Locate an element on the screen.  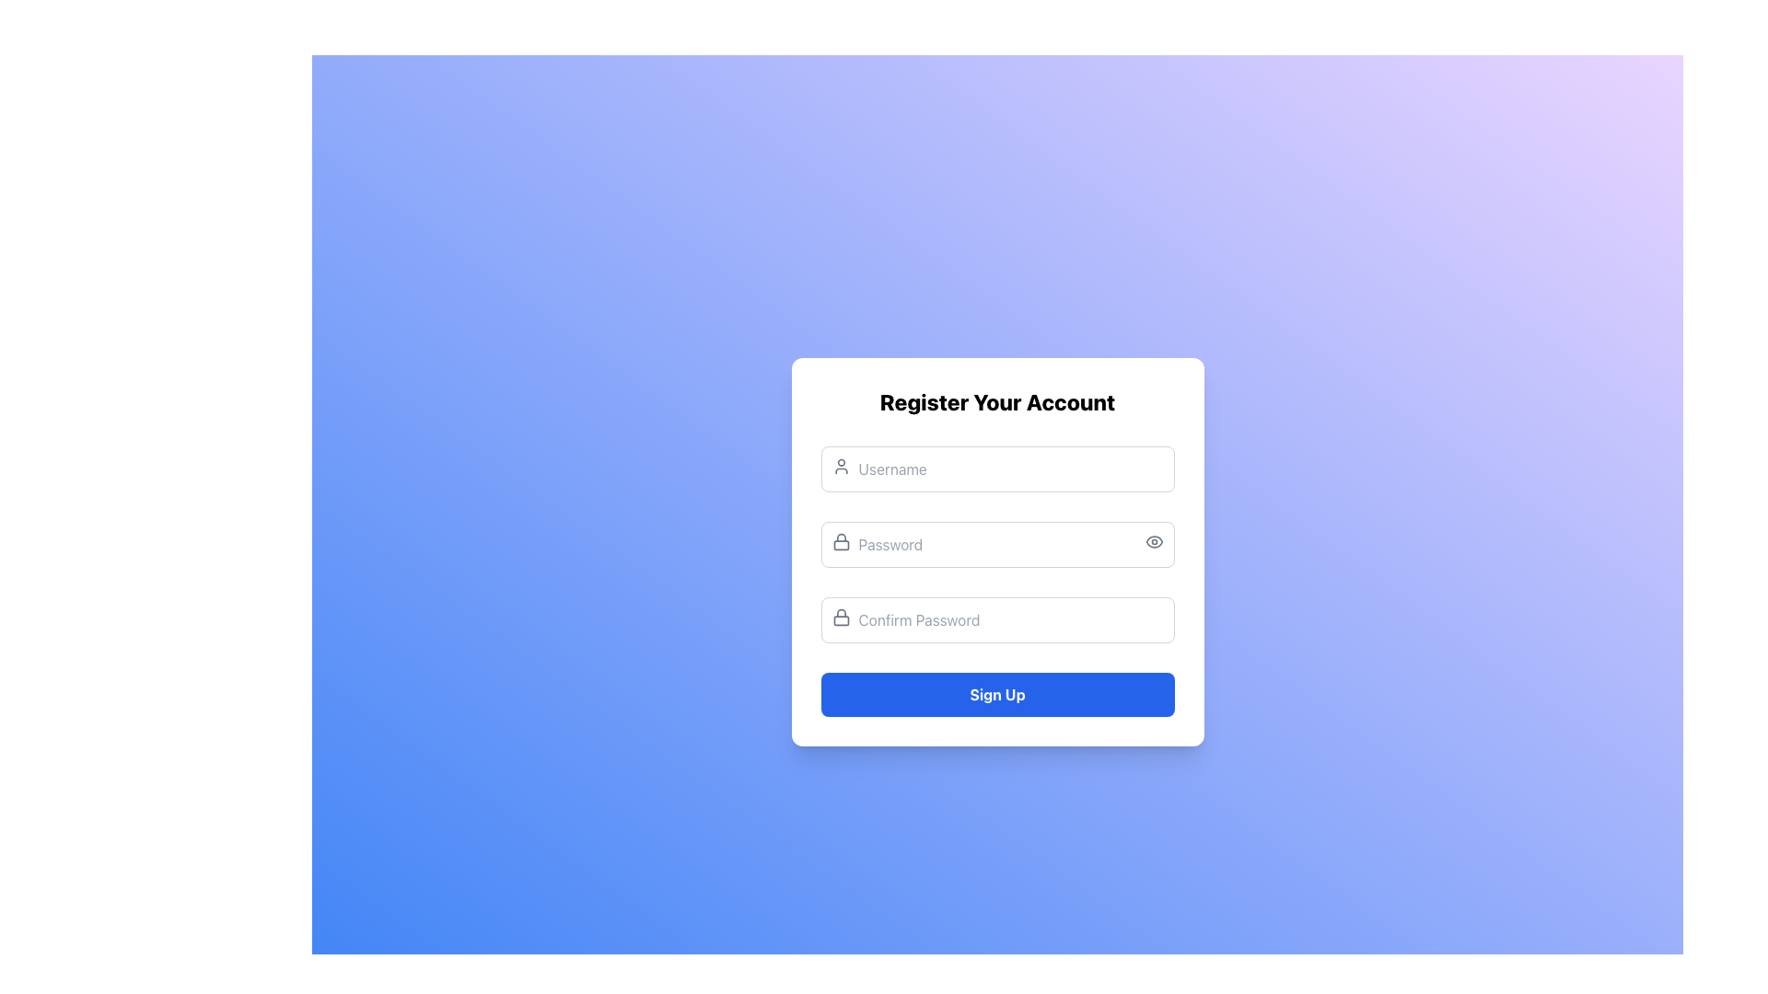
inside the Password input field to focus on it, allowing the user to enter their password securely is located at coordinates (996, 543).